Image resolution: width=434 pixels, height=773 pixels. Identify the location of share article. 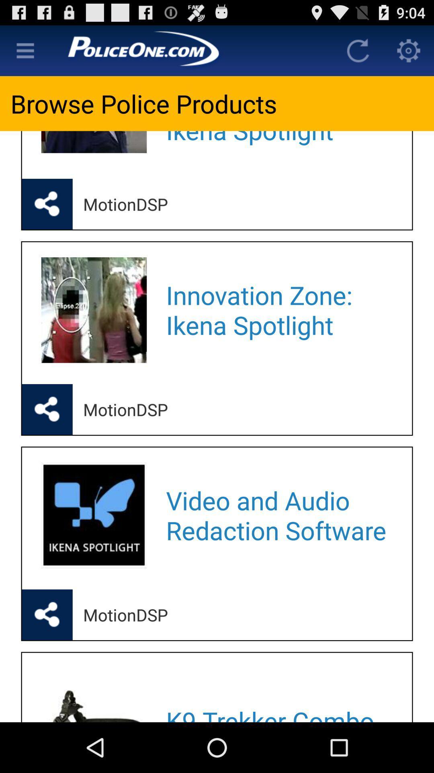
(47, 409).